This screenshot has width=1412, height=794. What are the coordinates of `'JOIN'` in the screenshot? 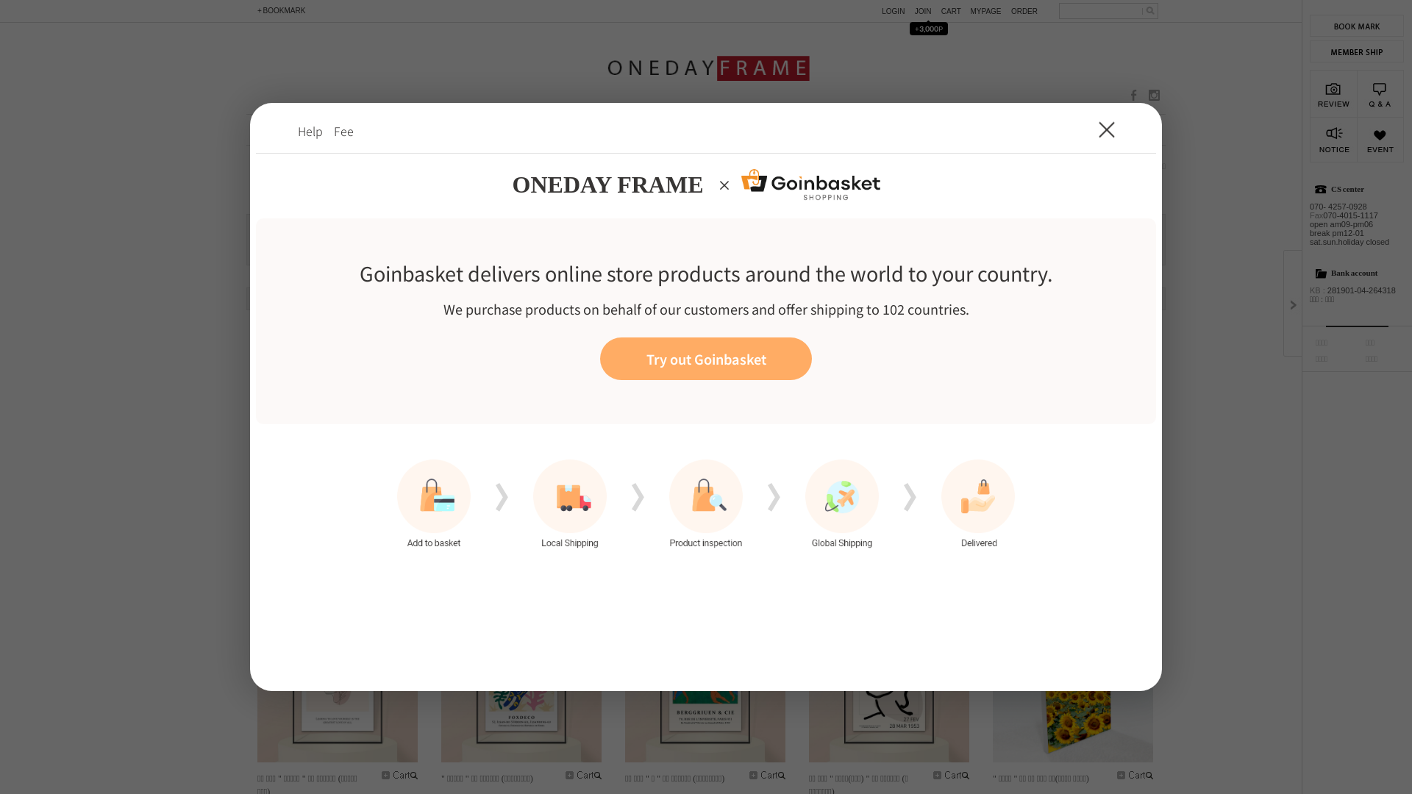 It's located at (913, 11).